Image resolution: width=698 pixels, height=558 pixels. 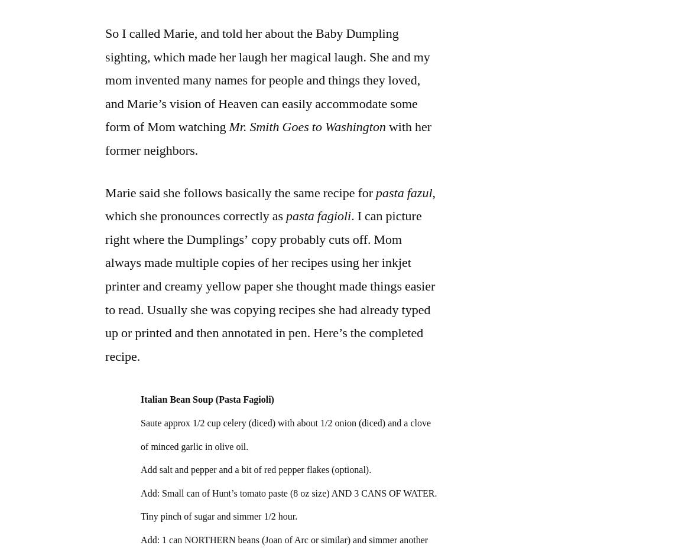 What do you see at coordinates (255, 469) in the screenshot?
I see `'Add salt and pepper and a bit of red pepper flakes (optional).'` at bounding box center [255, 469].